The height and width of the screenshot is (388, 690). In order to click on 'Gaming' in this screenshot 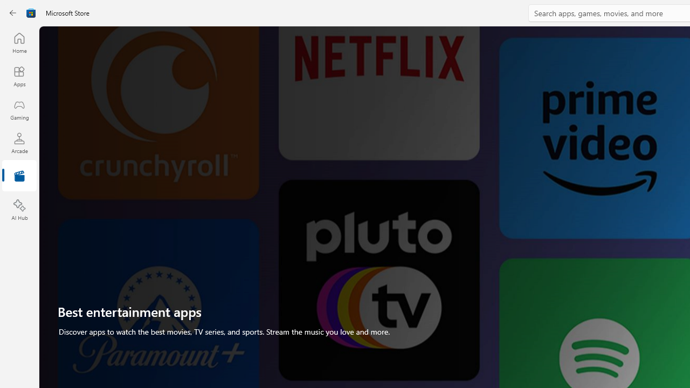, I will do `click(19, 109)`.